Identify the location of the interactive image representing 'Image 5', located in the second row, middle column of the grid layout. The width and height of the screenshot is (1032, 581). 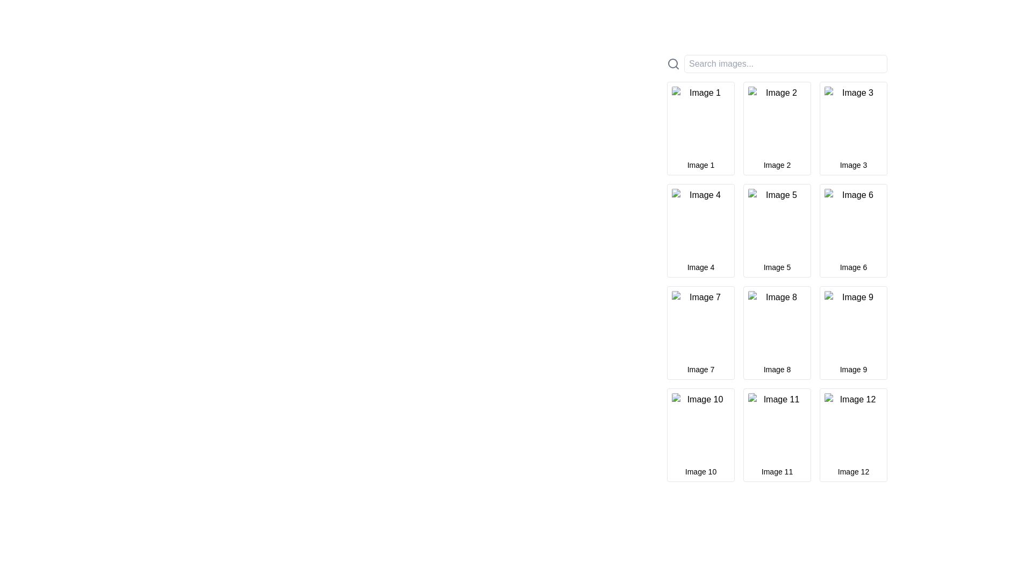
(777, 223).